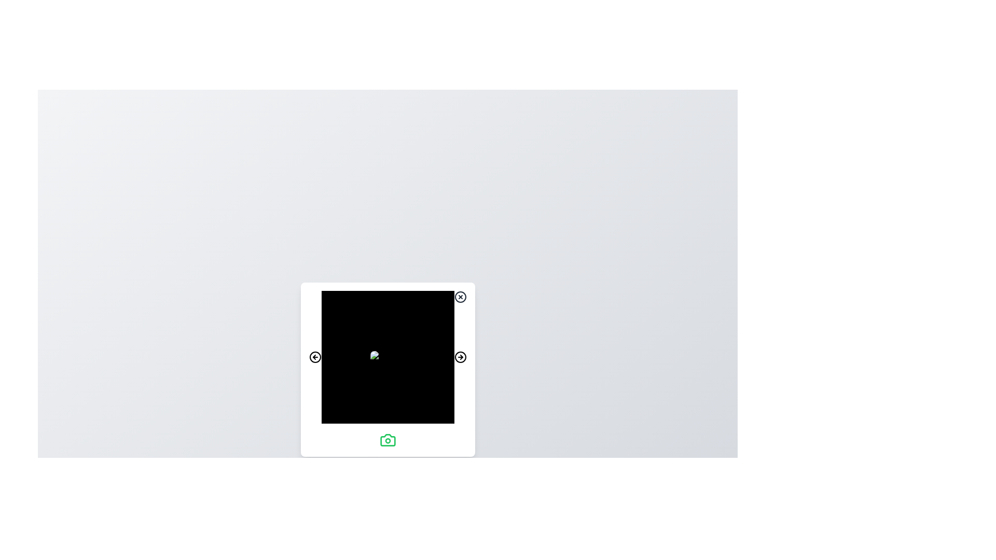 This screenshot has height=560, width=996. Describe the element at coordinates (314, 357) in the screenshot. I see `the circular left arrow button` at that location.